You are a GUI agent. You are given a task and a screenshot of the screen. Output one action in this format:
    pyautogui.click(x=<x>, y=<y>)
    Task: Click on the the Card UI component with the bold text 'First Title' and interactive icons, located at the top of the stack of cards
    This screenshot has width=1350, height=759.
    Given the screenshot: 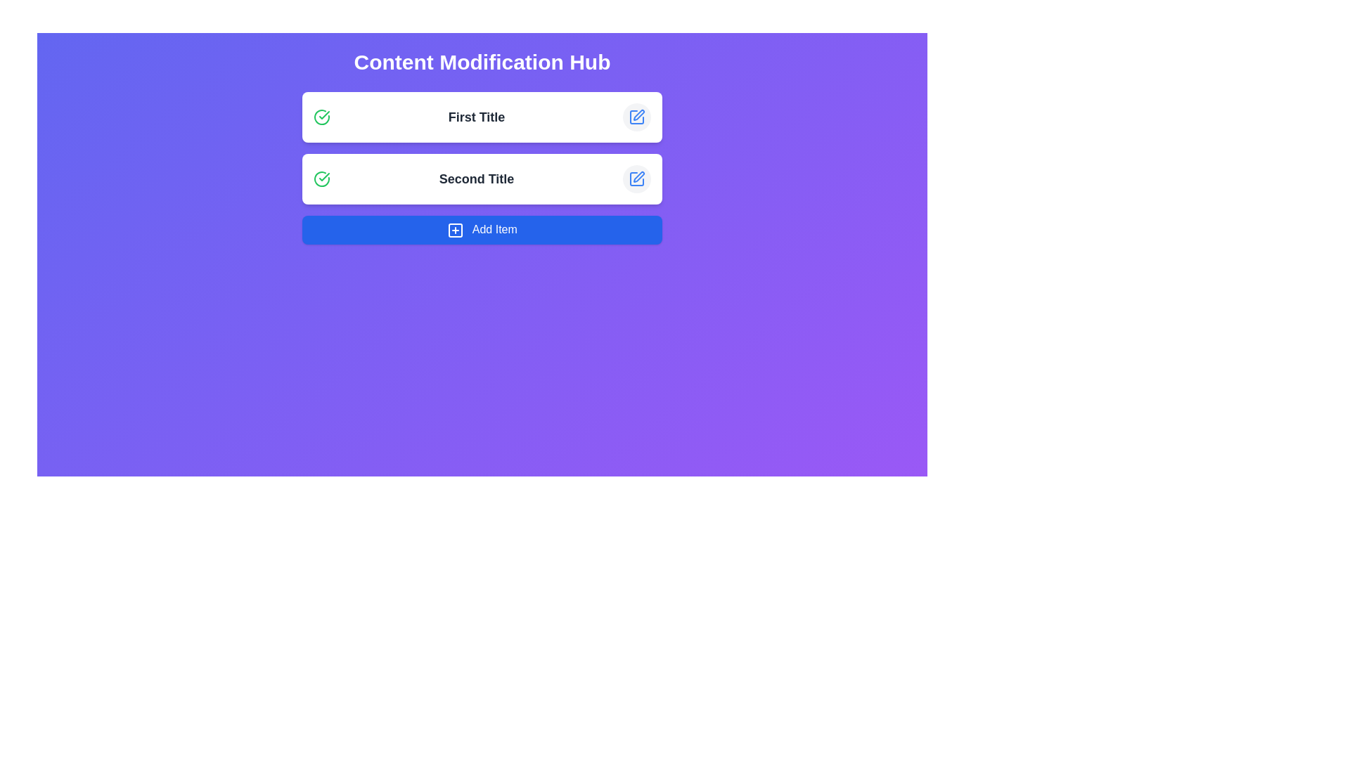 What is the action you would take?
    pyautogui.click(x=482, y=116)
    